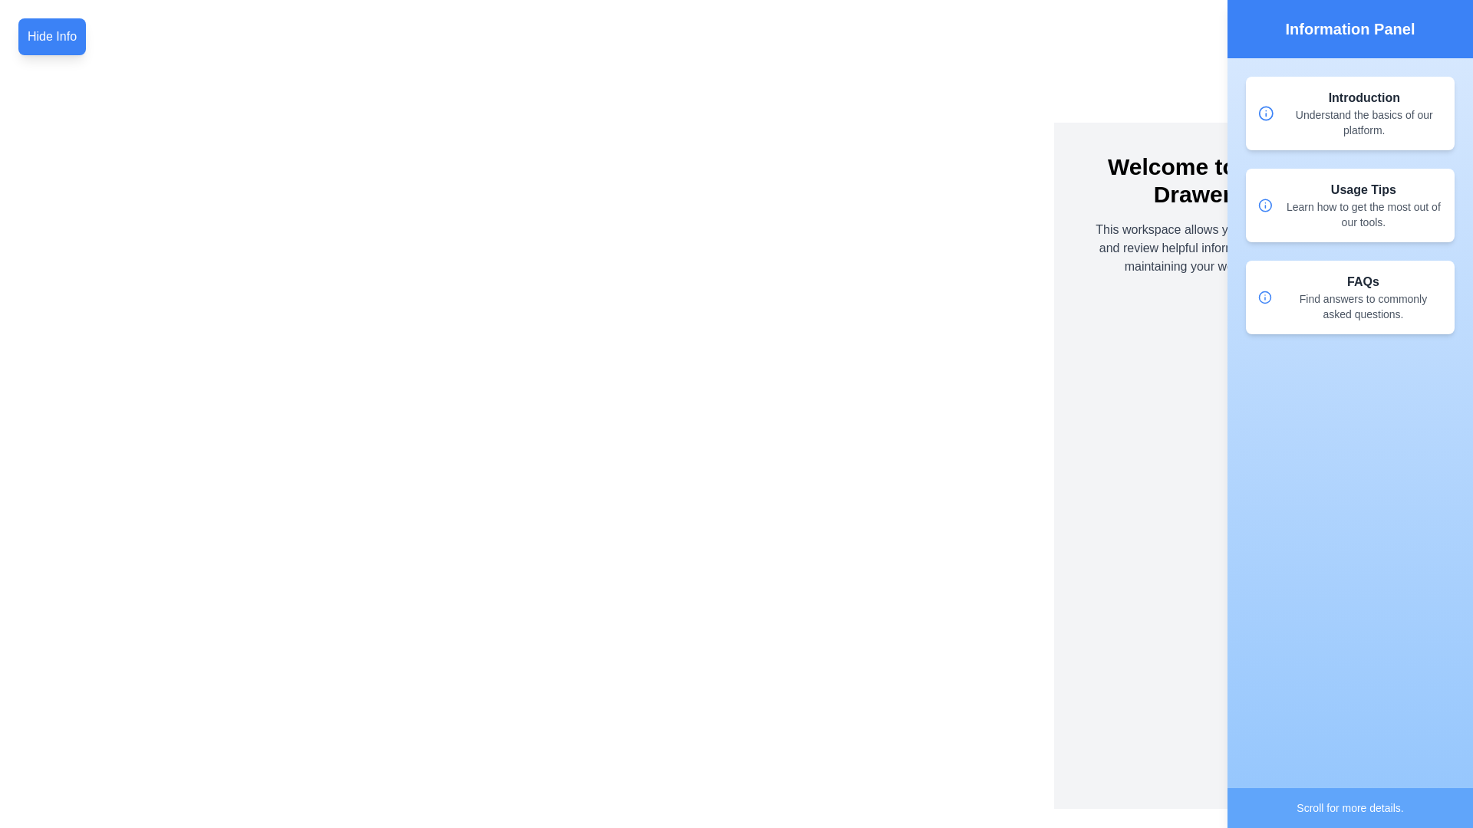 This screenshot has width=1473, height=828. Describe the element at coordinates (1264, 297) in the screenshot. I see `the visual design of the 'FAQs' icon located in the third row of the information panel, aligned to the left of the text content` at that location.